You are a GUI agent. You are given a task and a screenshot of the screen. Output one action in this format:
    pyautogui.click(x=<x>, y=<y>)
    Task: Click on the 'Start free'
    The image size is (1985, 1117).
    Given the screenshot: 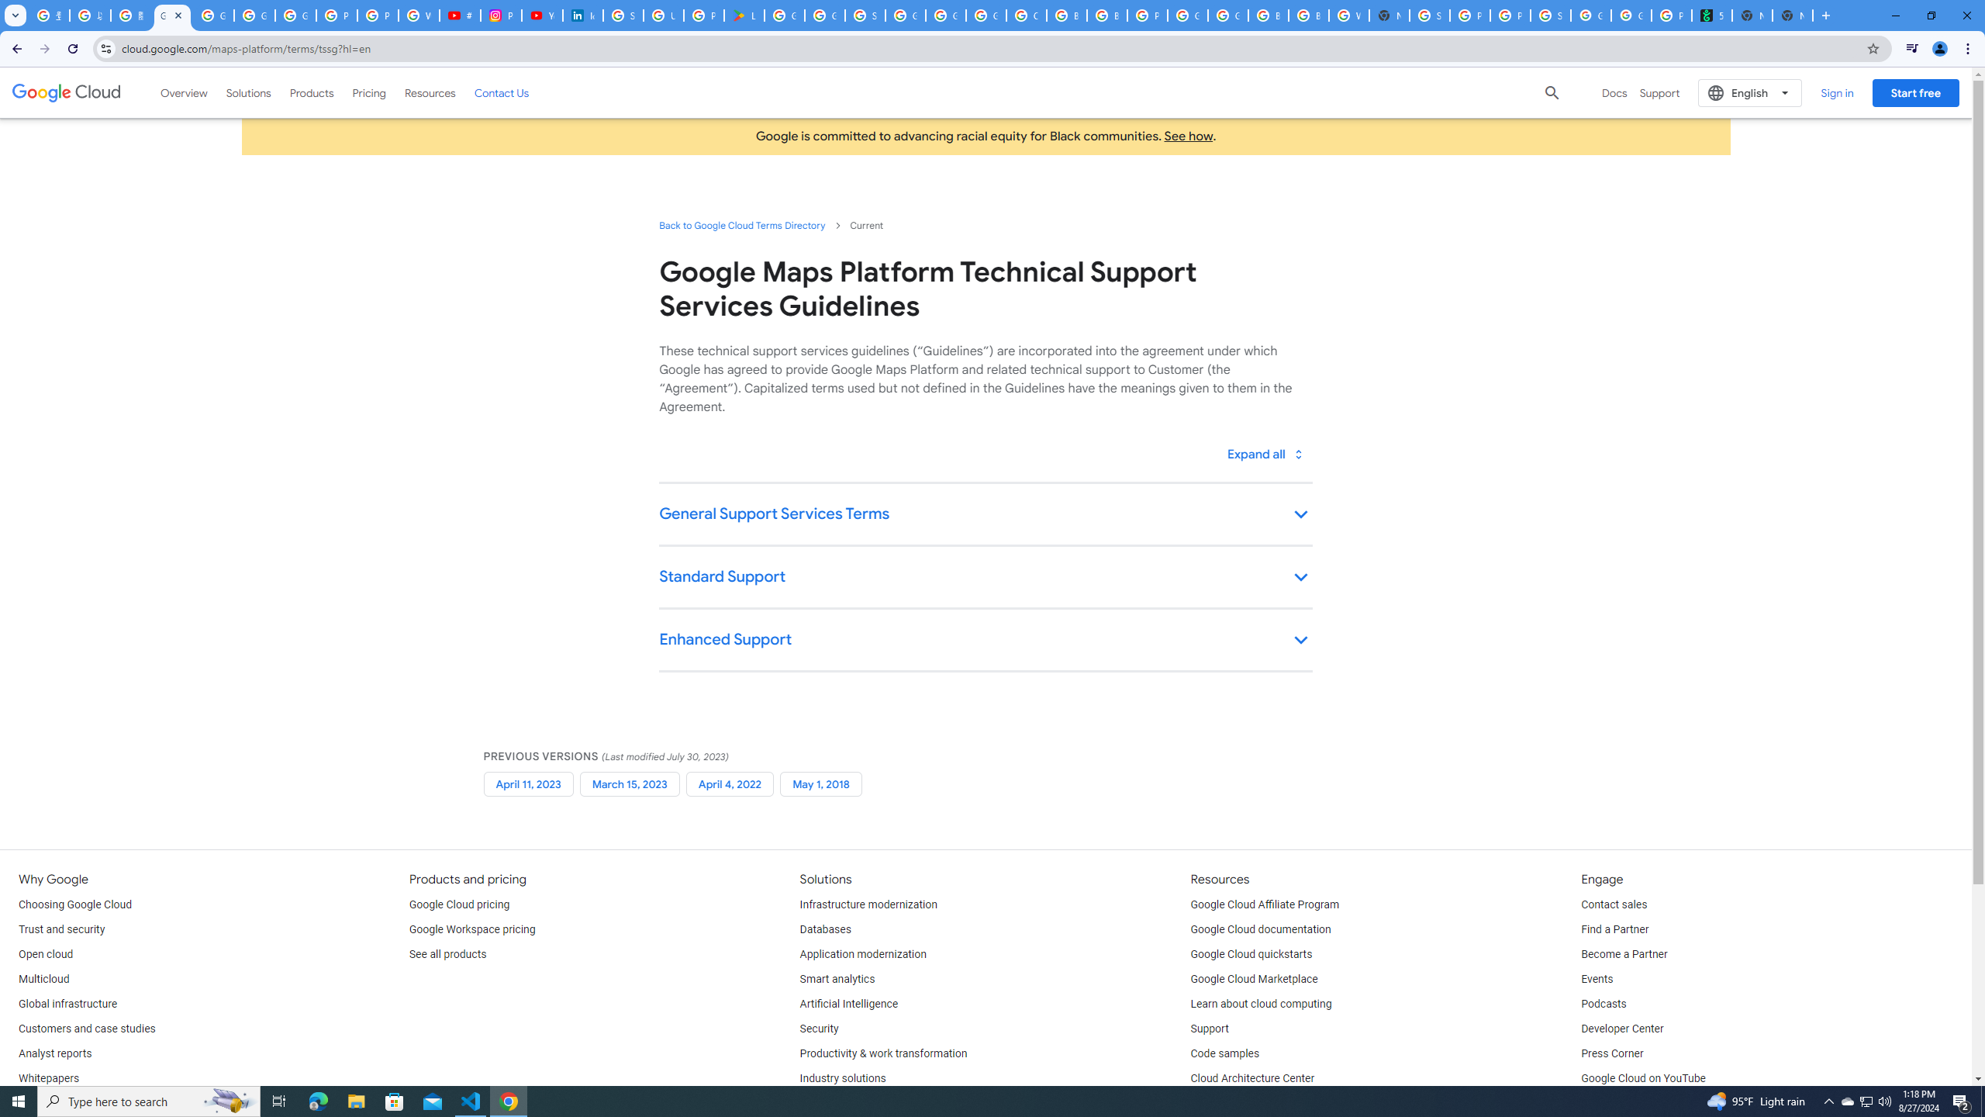 What is the action you would take?
    pyautogui.click(x=1915, y=92)
    